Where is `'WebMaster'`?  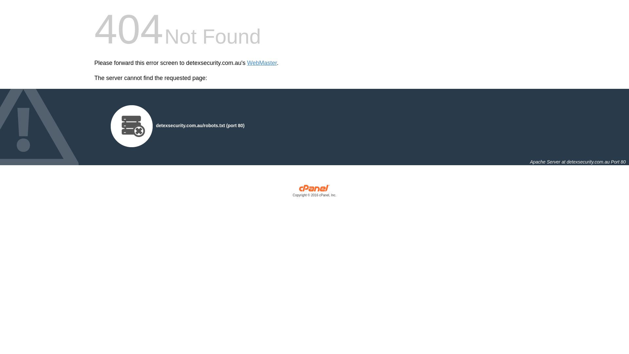 'WebMaster' is located at coordinates (261, 63).